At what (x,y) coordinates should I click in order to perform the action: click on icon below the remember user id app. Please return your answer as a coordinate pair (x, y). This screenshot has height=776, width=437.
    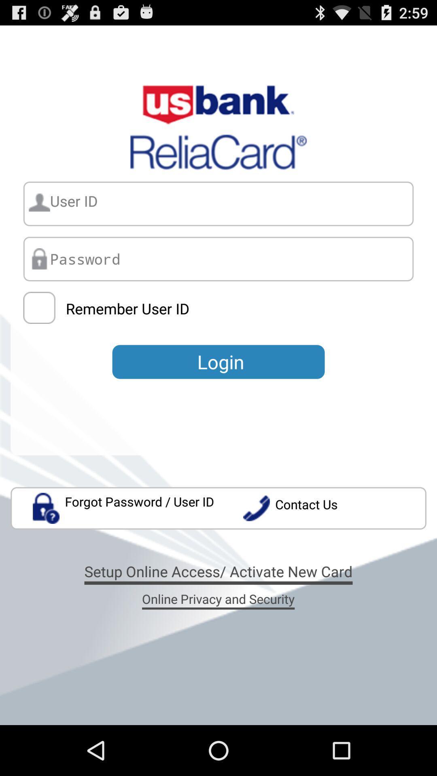
    Looking at the image, I should click on (218, 361).